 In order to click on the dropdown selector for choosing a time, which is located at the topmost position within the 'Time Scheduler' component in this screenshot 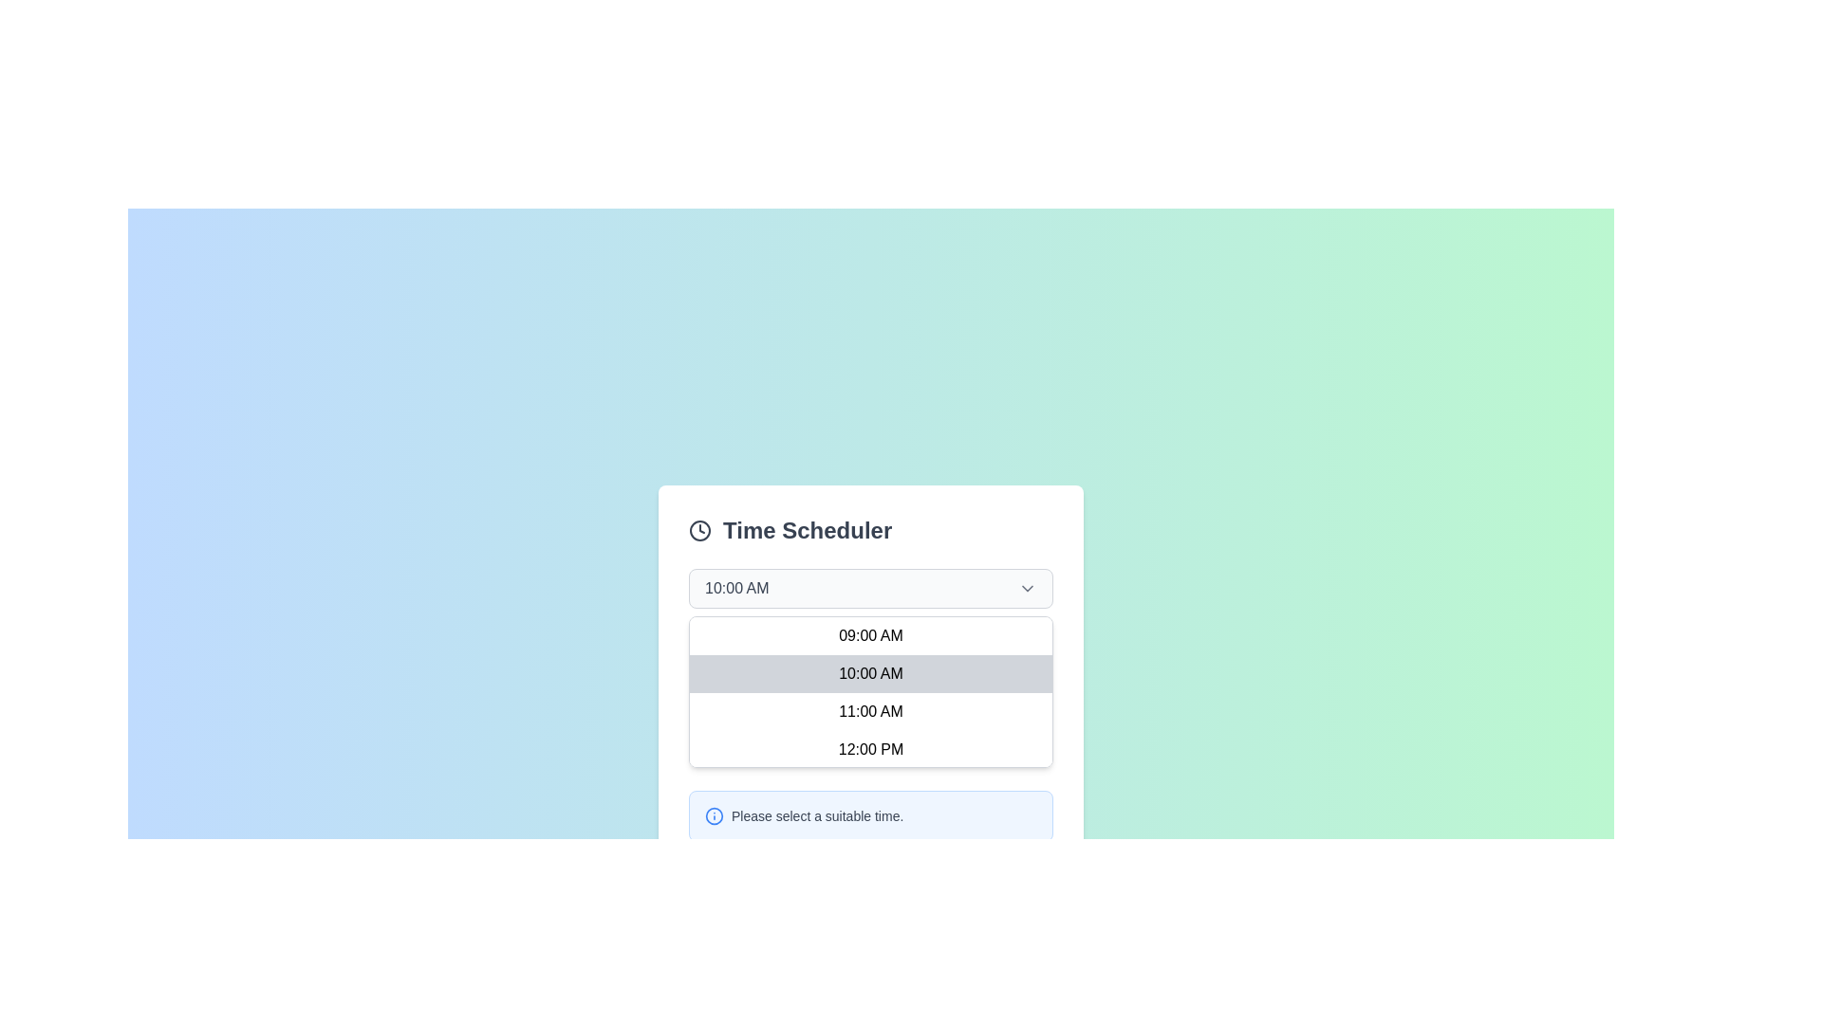, I will do `click(869, 588)`.